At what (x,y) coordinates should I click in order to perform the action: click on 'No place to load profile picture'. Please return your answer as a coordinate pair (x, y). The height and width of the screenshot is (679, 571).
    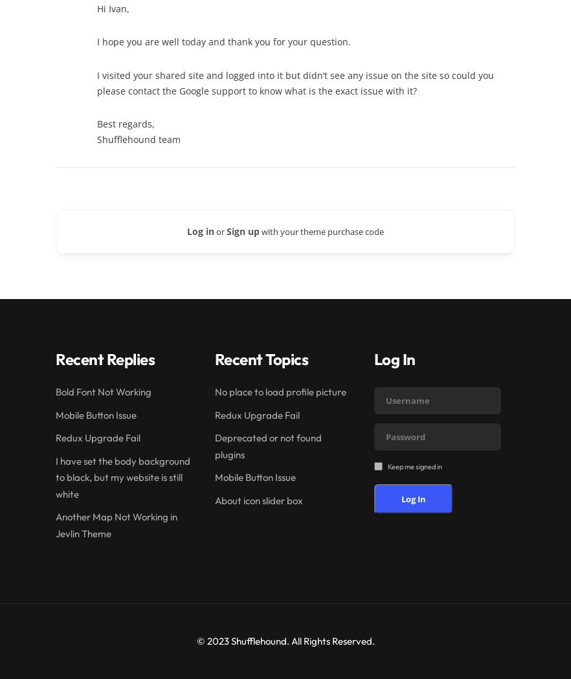
    Looking at the image, I should click on (214, 391).